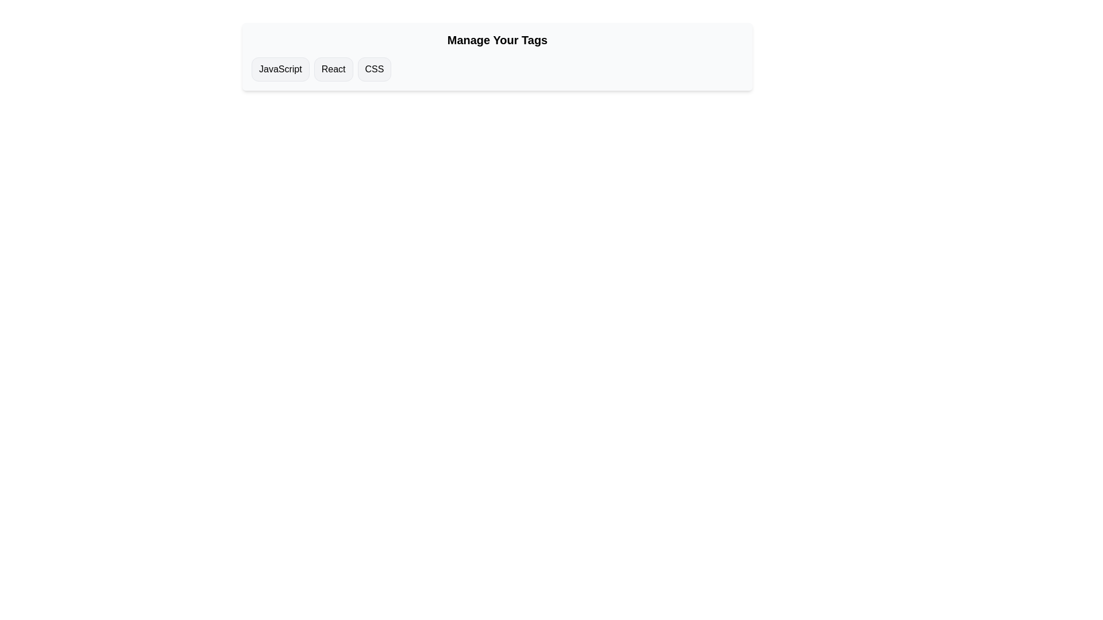 The width and height of the screenshot is (1103, 620). Describe the element at coordinates (374, 69) in the screenshot. I see `the tag labeled CSS` at that location.